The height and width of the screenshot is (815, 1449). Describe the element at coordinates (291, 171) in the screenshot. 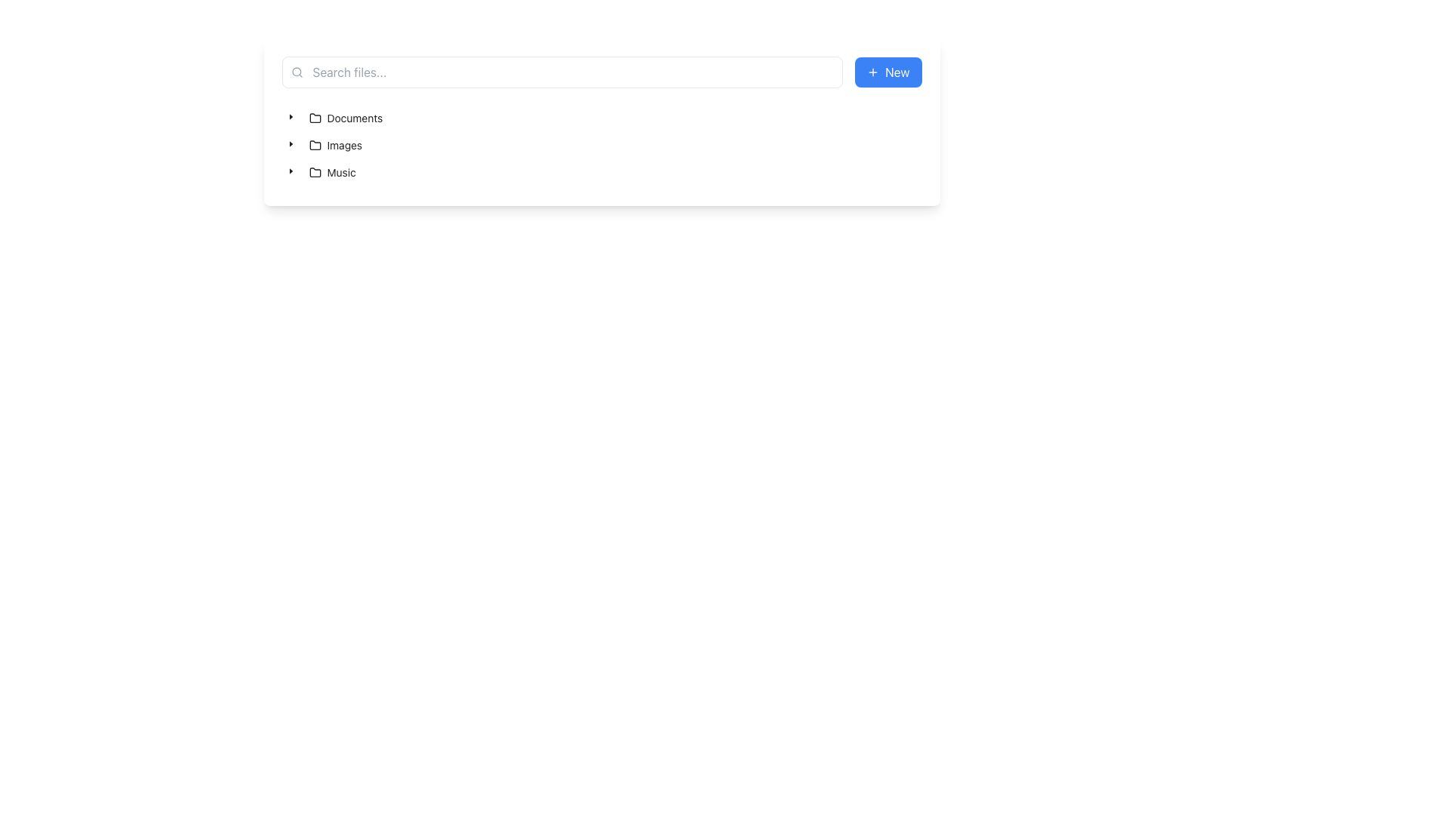

I see `the Caret toggle icon` at that location.